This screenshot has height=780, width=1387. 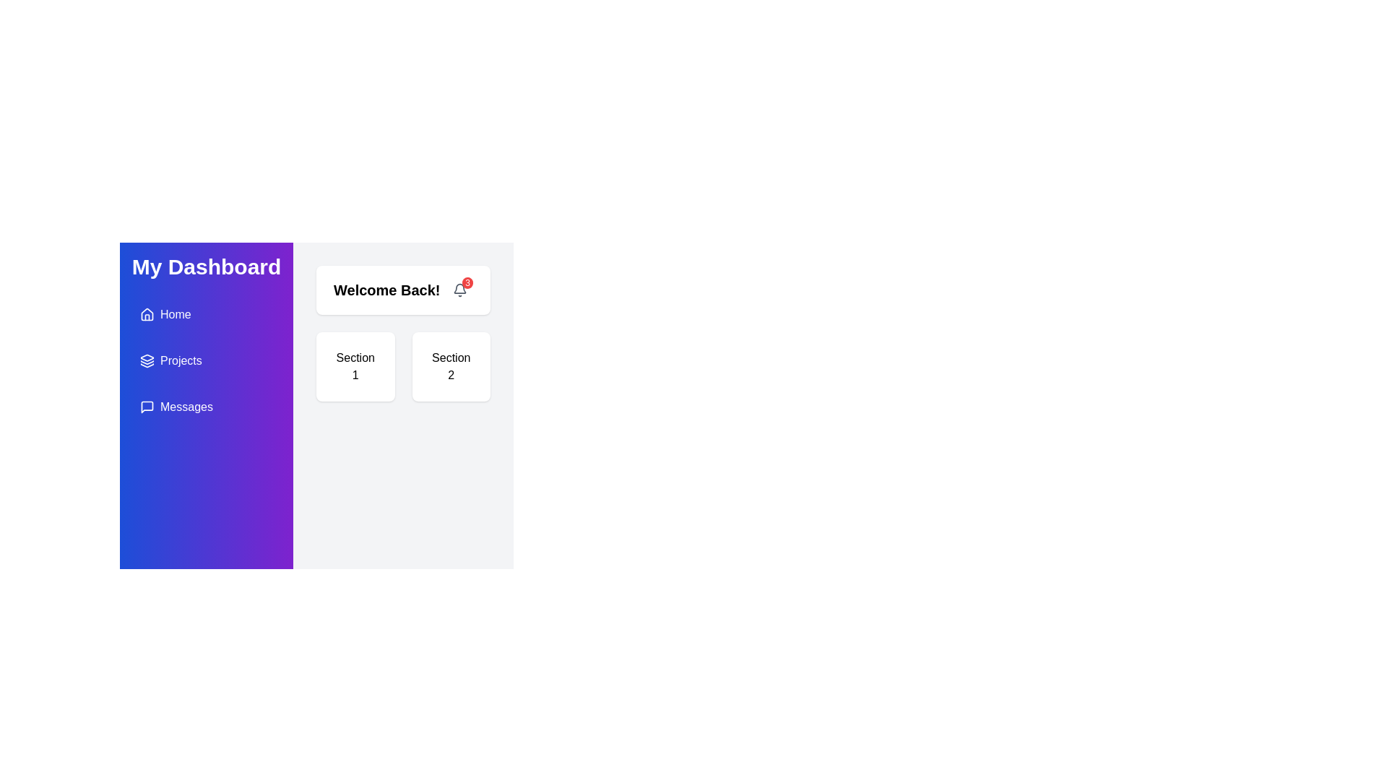 What do you see at coordinates (459, 288) in the screenshot?
I see `the notification bell icon located in the top-right corner of the 'Welcome Back!' card` at bounding box center [459, 288].